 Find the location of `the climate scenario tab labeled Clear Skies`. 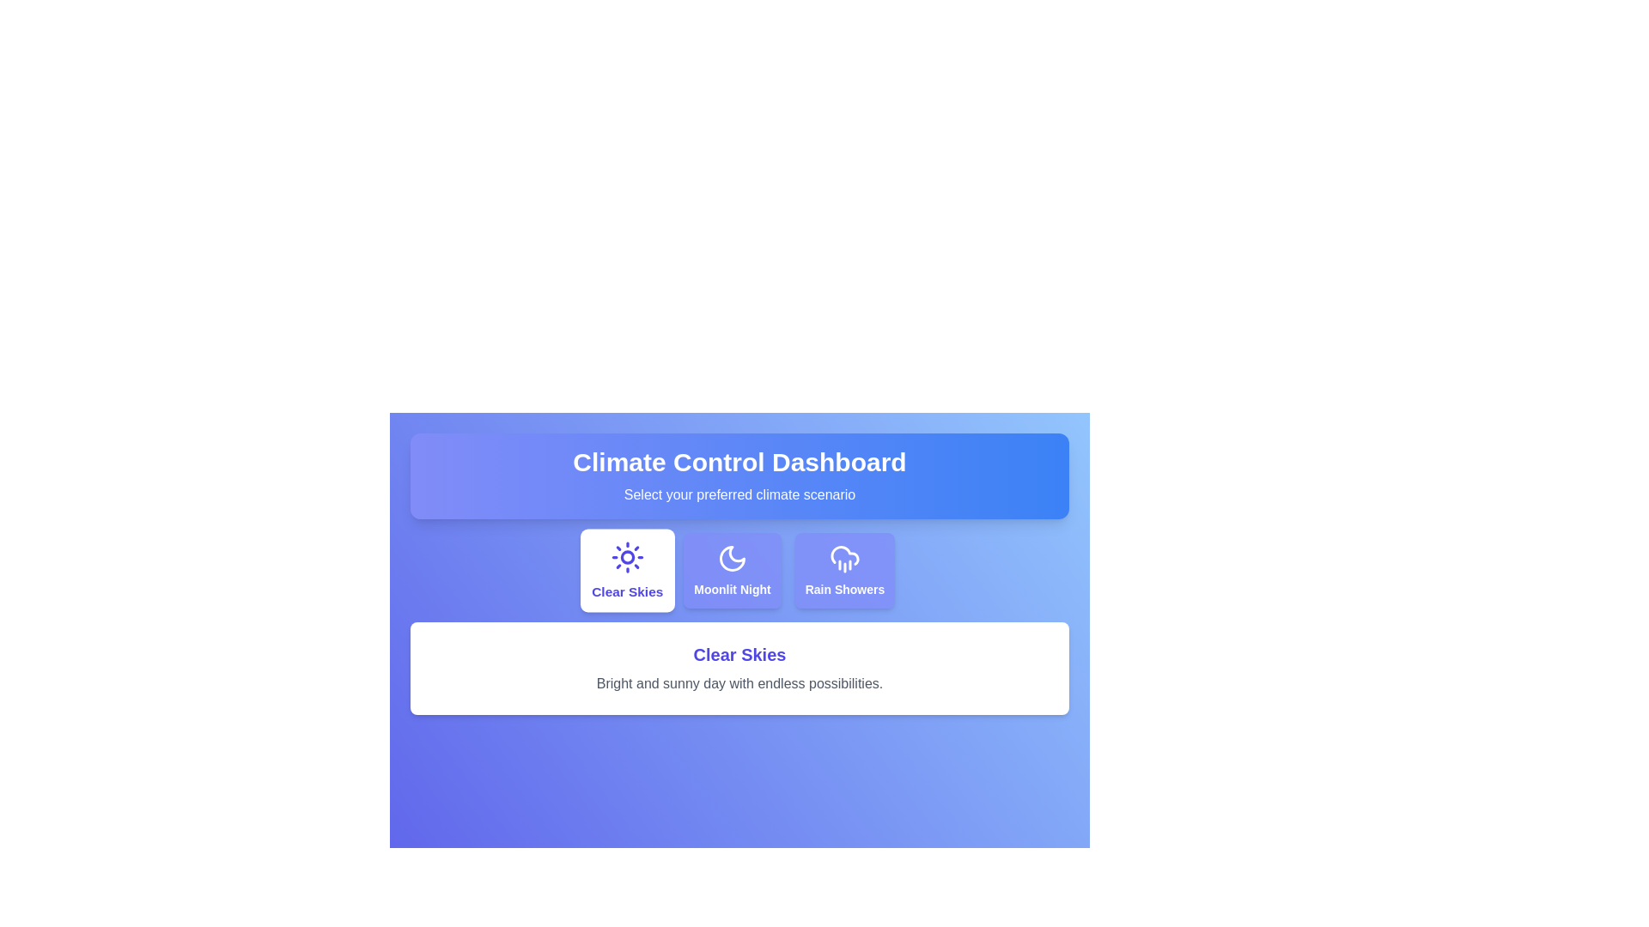

the climate scenario tab labeled Clear Skies is located at coordinates (625, 570).